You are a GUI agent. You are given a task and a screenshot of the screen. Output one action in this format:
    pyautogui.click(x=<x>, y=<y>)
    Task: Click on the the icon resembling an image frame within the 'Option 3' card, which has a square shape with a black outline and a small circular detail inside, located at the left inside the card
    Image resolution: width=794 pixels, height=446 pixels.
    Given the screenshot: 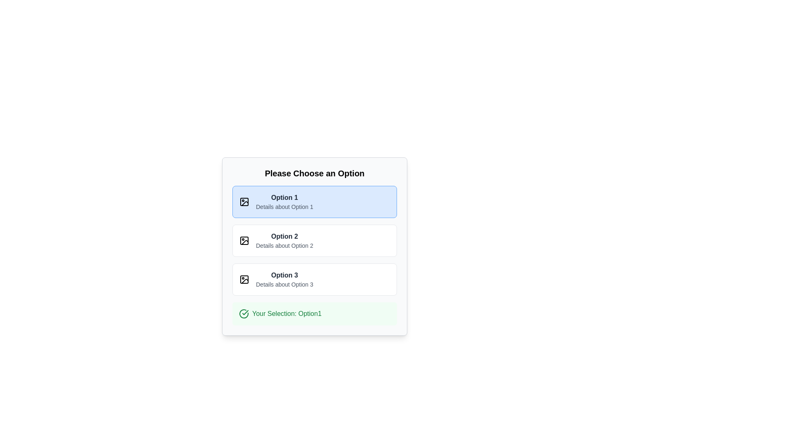 What is the action you would take?
    pyautogui.click(x=244, y=279)
    